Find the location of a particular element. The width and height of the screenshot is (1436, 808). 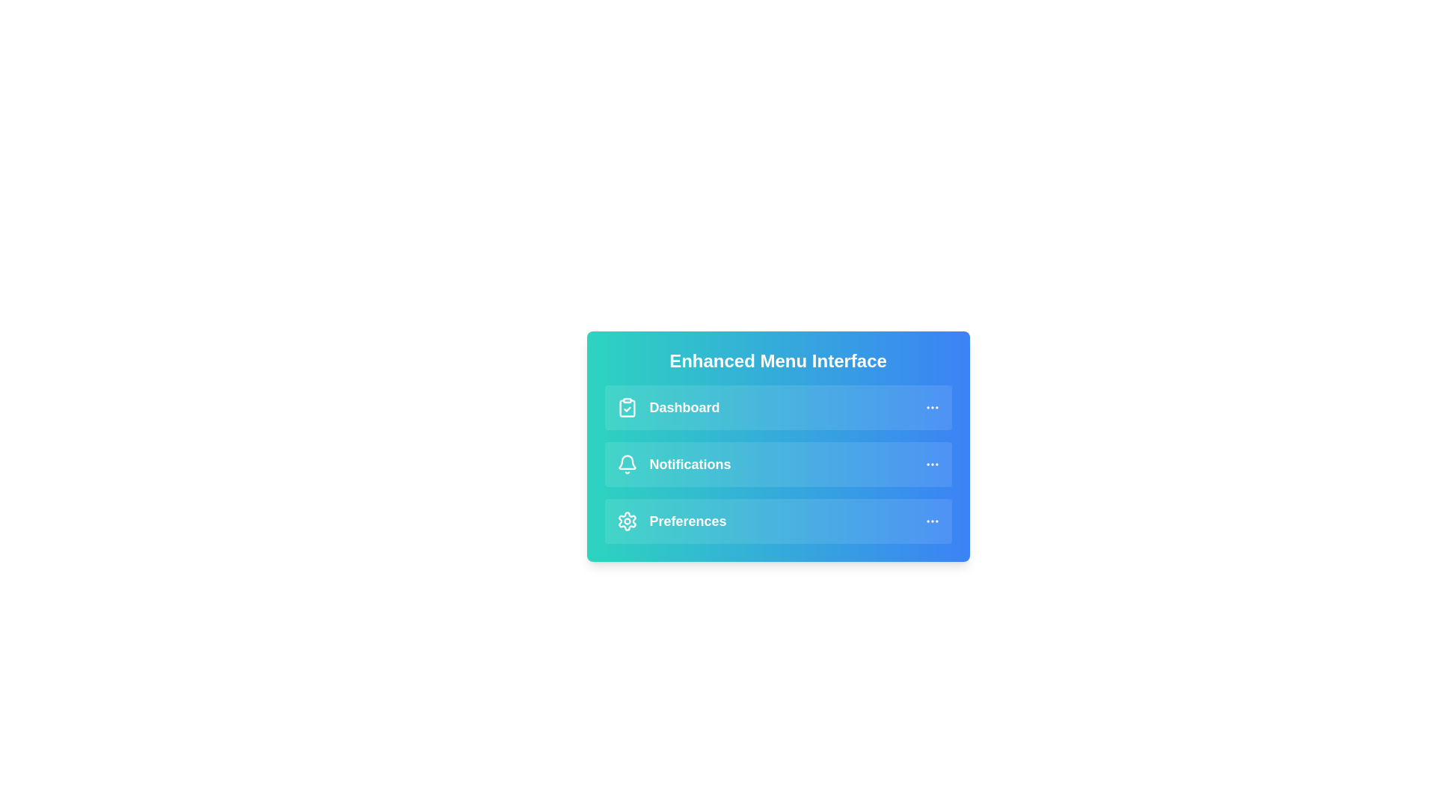

the navigation button located at the bottom of the vertical menu list, which leads to the settings or preferences page is located at coordinates (670, 521).